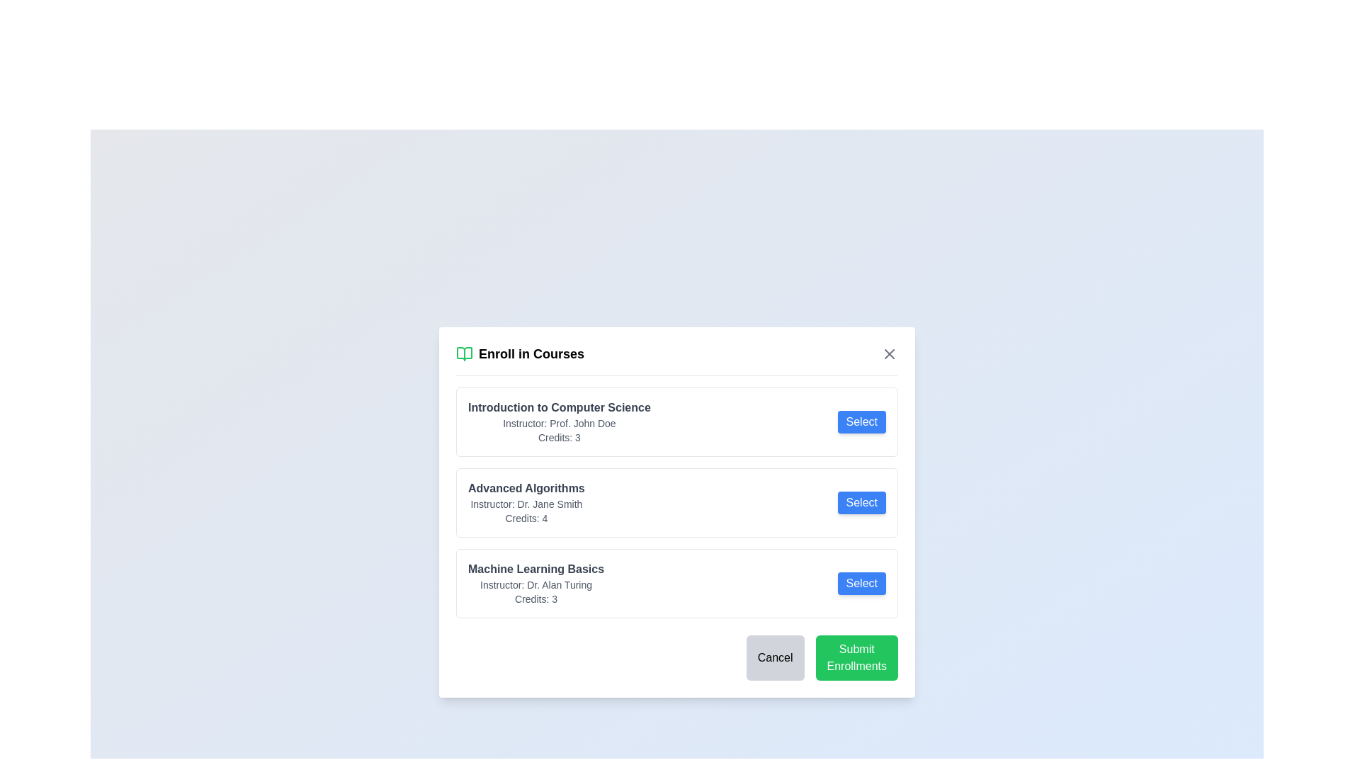 Image resolution: width=1360 pixels, height=765 pixels. I want to click on the text element displaying 'Advanced Algorithms', which is styled in bold gray and positioned prominently in the modal under 'Enroll in Courses', so click(526, 487).